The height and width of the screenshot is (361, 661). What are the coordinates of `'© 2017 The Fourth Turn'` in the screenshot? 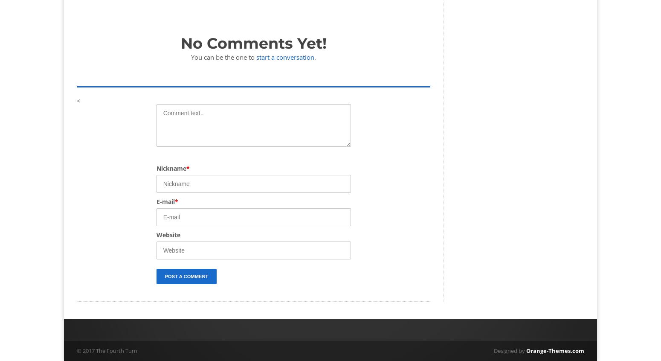 It's located at (76, 350).